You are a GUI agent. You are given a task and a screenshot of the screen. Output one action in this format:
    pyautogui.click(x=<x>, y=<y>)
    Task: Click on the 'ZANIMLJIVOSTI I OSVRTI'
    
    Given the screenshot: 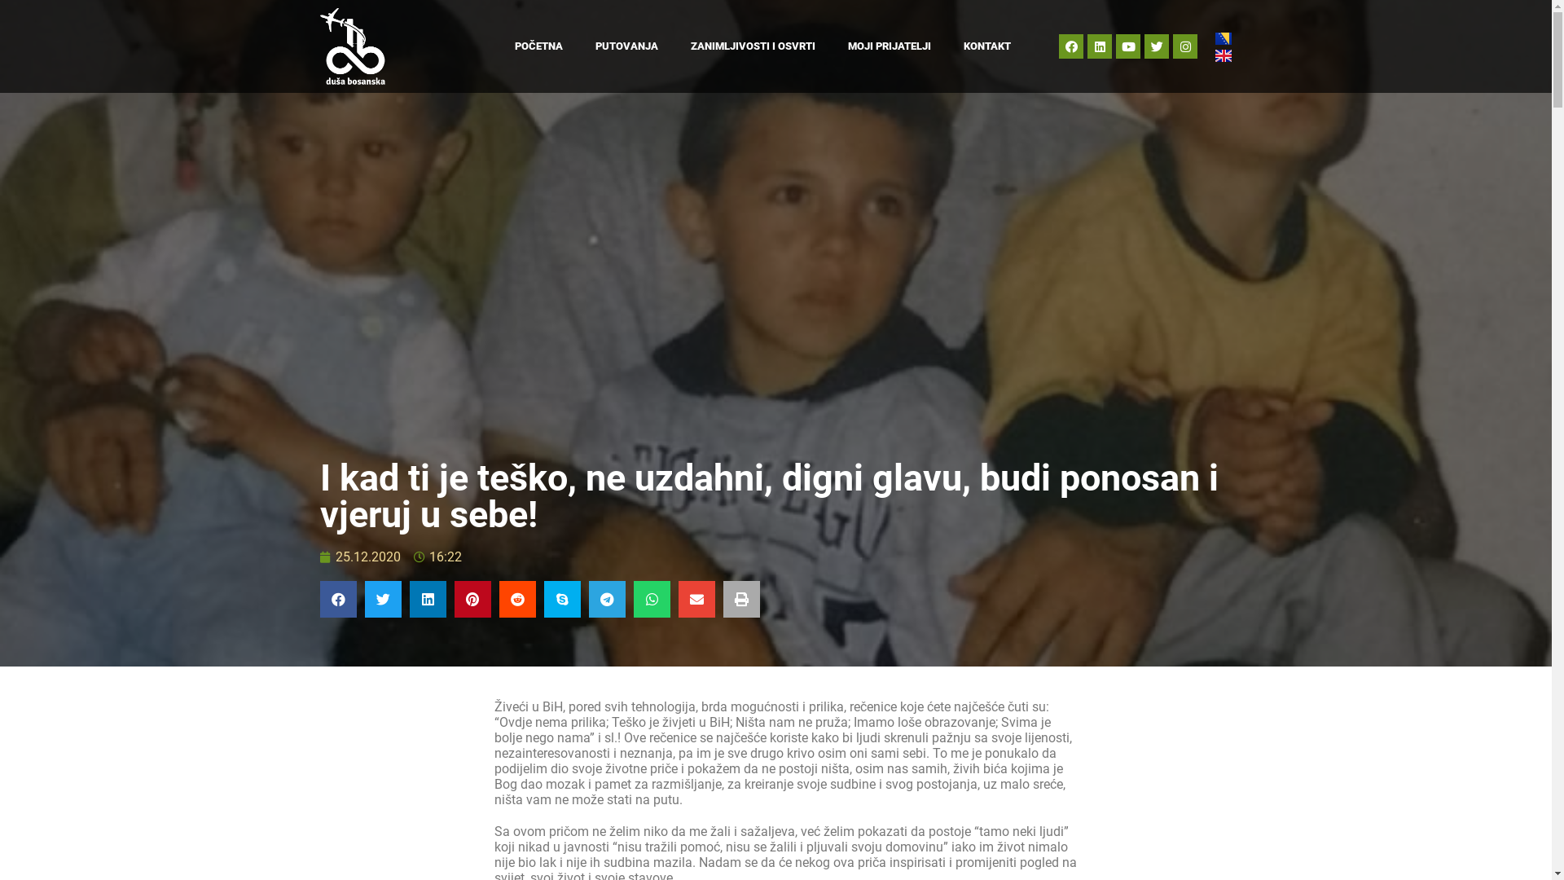 What is the action you would take?
    pyautogui.click(x=752, y=46)
    